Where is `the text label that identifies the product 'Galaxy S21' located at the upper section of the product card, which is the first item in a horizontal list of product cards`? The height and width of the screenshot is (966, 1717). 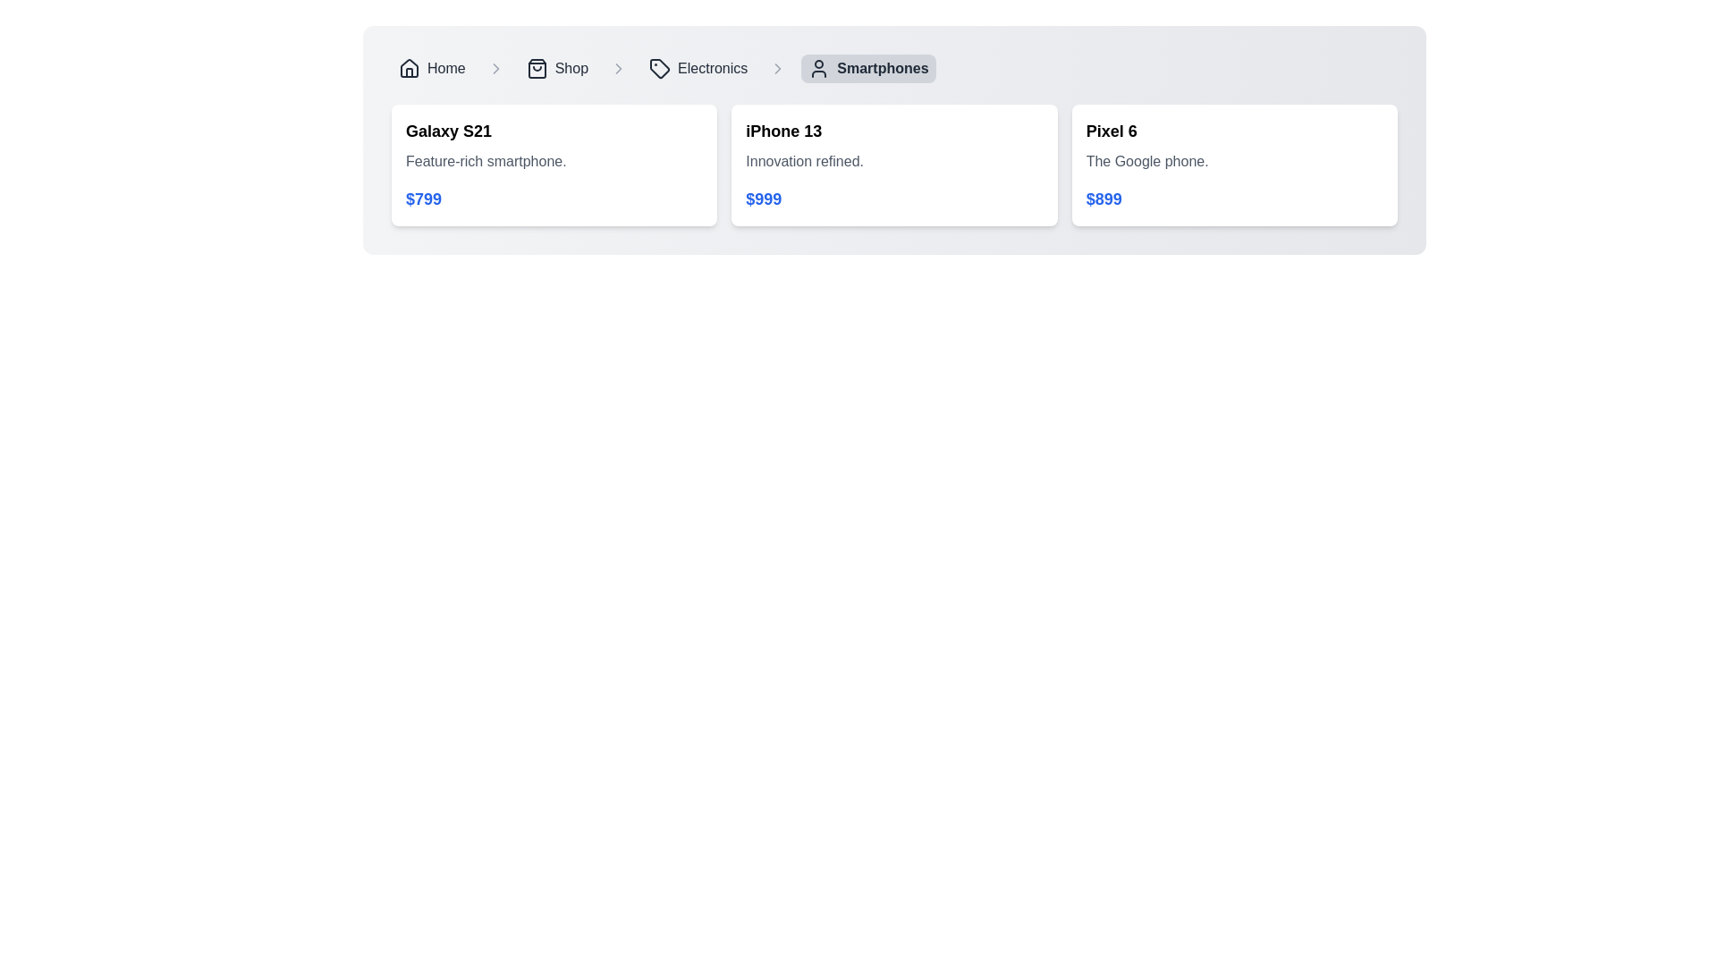
the text label that identifies the product 'Galaxy S21' located at the upper section of the product card, which is the first item in a horizontal list of product cards is located at coordinates (449, 130).